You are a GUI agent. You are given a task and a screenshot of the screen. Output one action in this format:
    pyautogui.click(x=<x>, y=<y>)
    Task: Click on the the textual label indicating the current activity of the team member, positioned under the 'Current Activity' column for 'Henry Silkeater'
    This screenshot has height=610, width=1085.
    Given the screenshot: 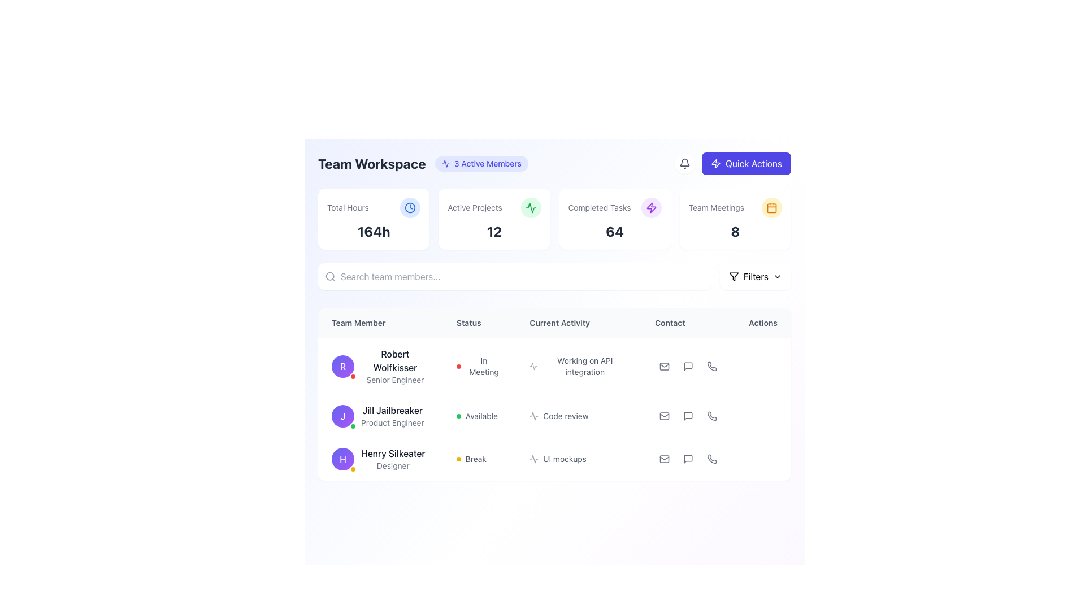 What is the action you would take?
    pyautogui.click(x=565, y=459)
    